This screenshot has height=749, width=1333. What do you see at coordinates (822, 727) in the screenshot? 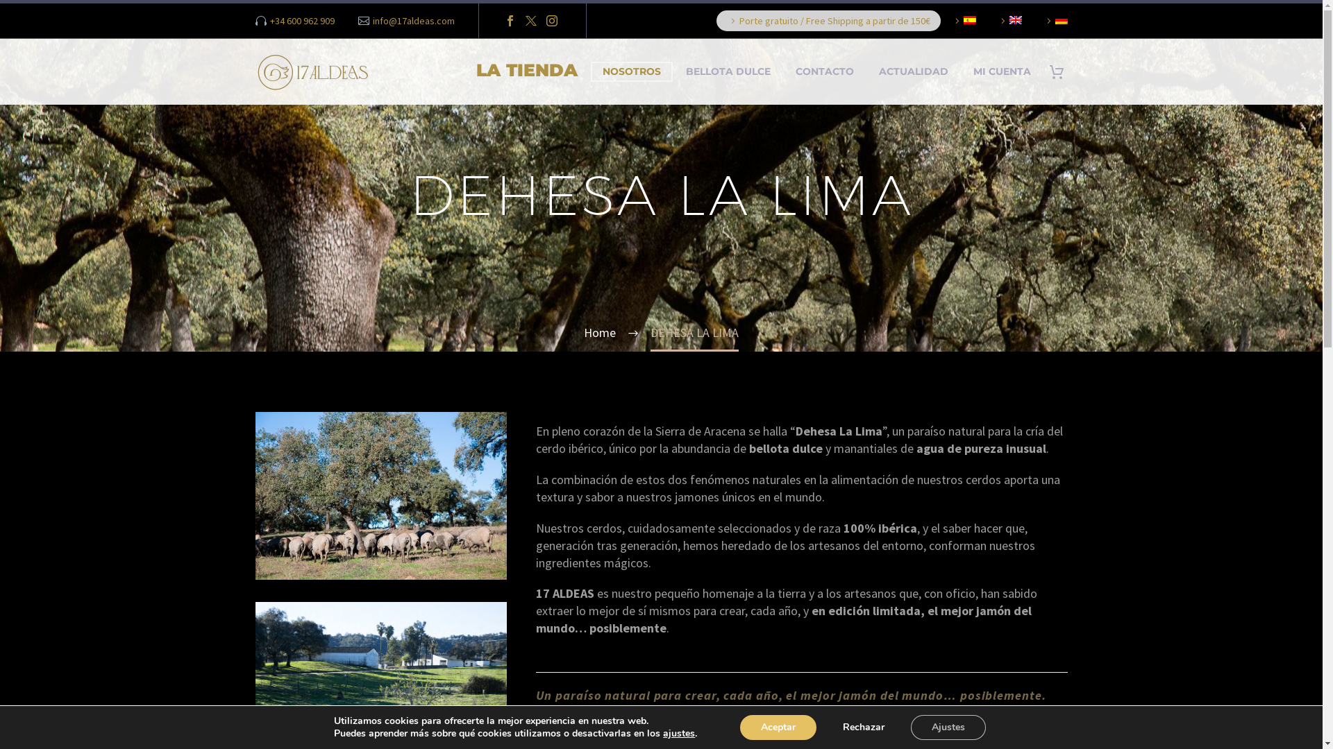
I see `'Rechazar'` at bounding box center [822, 727].